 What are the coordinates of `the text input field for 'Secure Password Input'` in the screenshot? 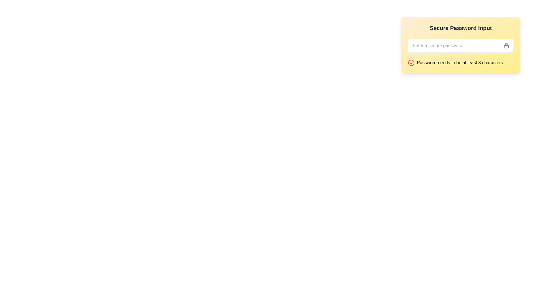 It's located at (461, 45).